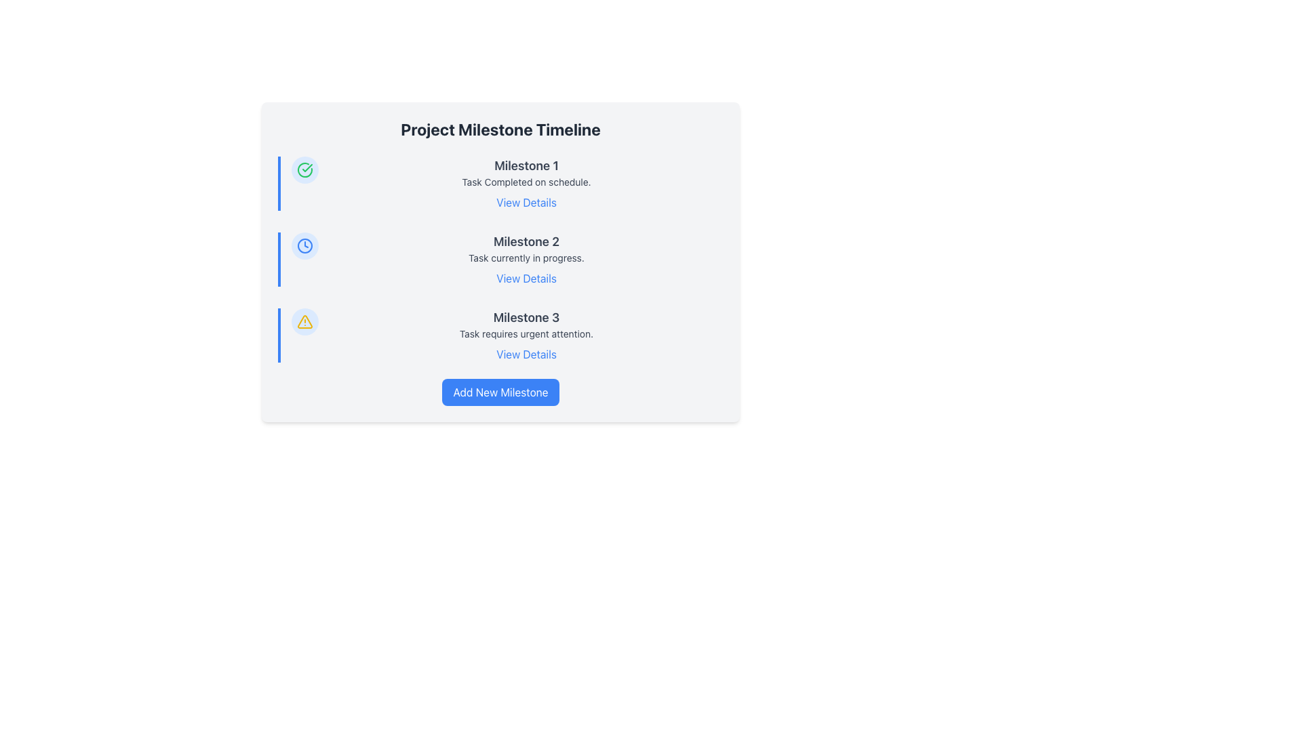  Describe the element at coordinates (526, 165) in the screenshot. I see `the text label that serves as the title for the milestone, located at the top of the milestone's descriptive block, above the text 'Task Completed on schedule.'` at that location.